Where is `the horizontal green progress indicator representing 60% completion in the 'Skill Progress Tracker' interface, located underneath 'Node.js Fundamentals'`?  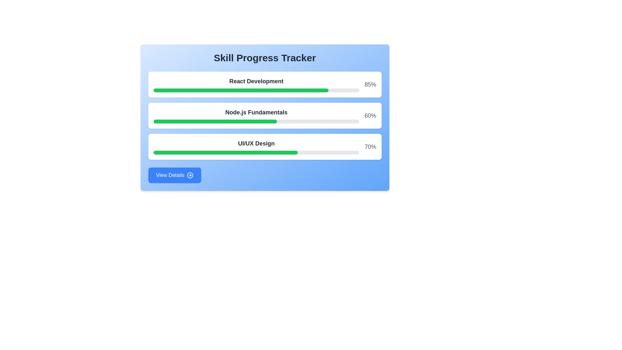
the horizontal green progress indicator representing 60% completion in the 'Skill Progress Tracker' interface, located underneath 'Node.js Fundamentals' is located at coordinates (215, 121).